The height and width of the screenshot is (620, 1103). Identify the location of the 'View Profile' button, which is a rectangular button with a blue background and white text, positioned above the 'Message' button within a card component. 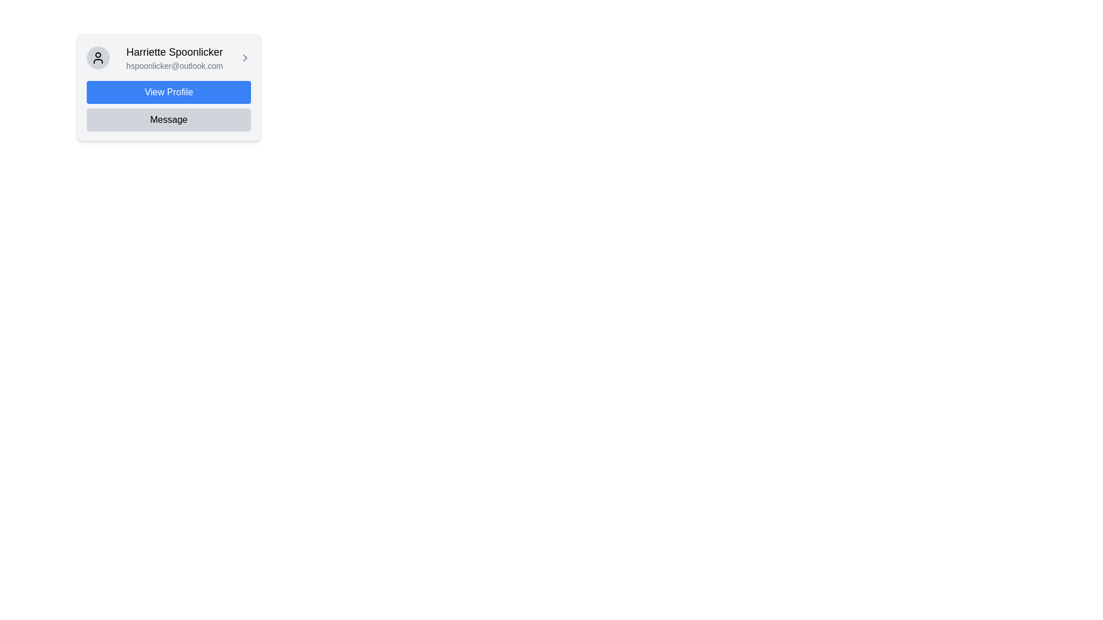
(168, 87).